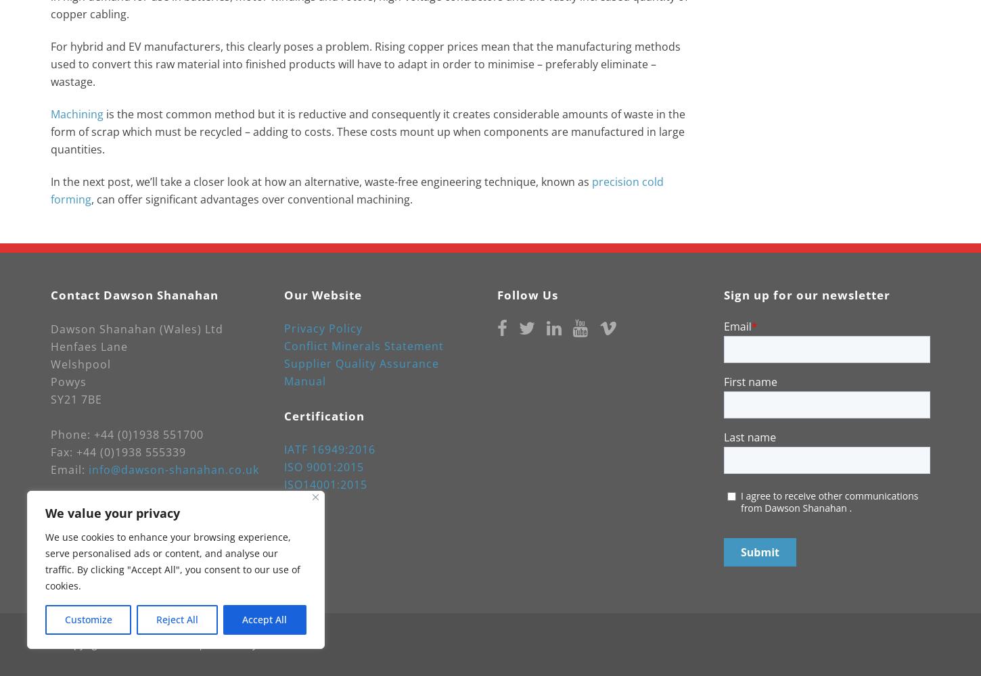 The width and height of the screenshot is (981, 676). What do you see at coordinates (283, 295) in the screenshot?
I see `'Our Website'` at bounding box center [283, 295].